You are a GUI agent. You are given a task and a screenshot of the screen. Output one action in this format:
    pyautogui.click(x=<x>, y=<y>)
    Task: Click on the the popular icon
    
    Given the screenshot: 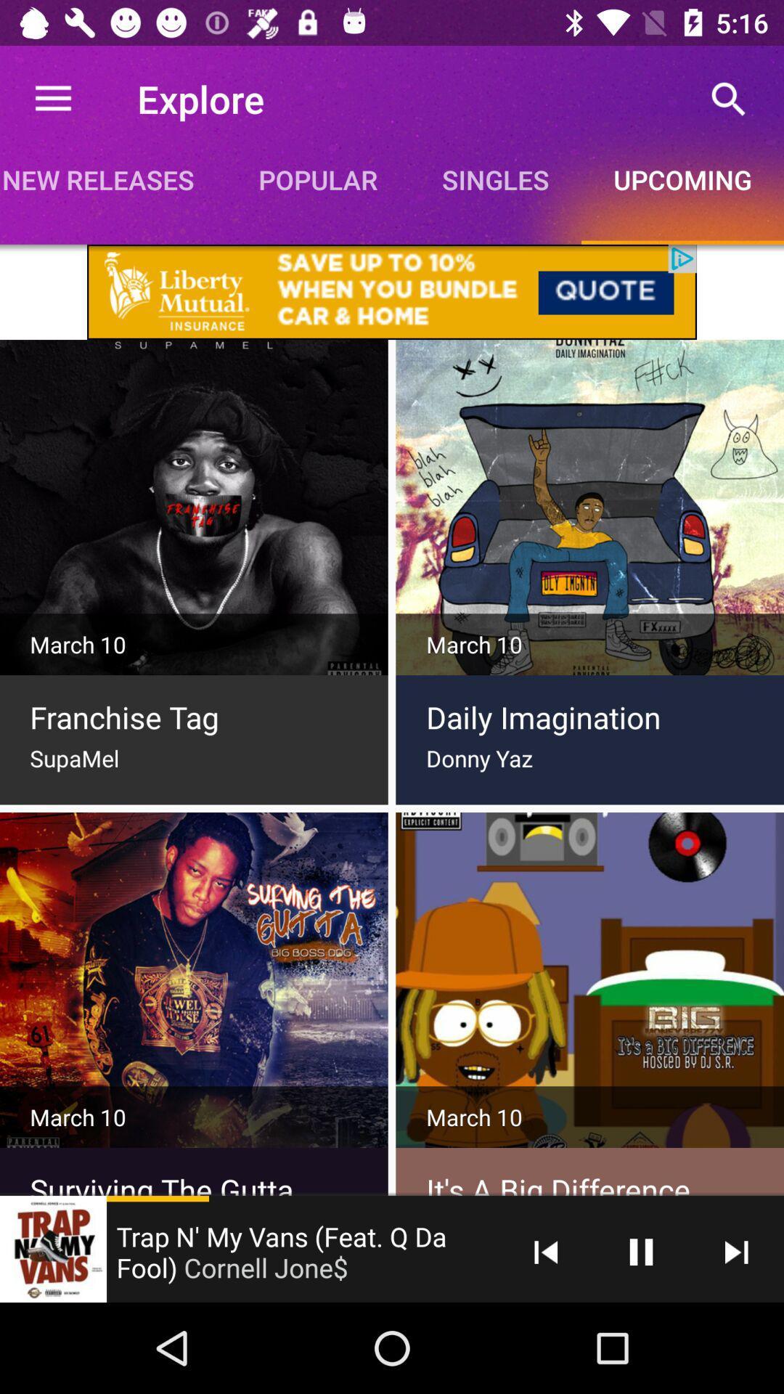 What is the action you would take?
    pyautogui.click(x=317, y=179)
    